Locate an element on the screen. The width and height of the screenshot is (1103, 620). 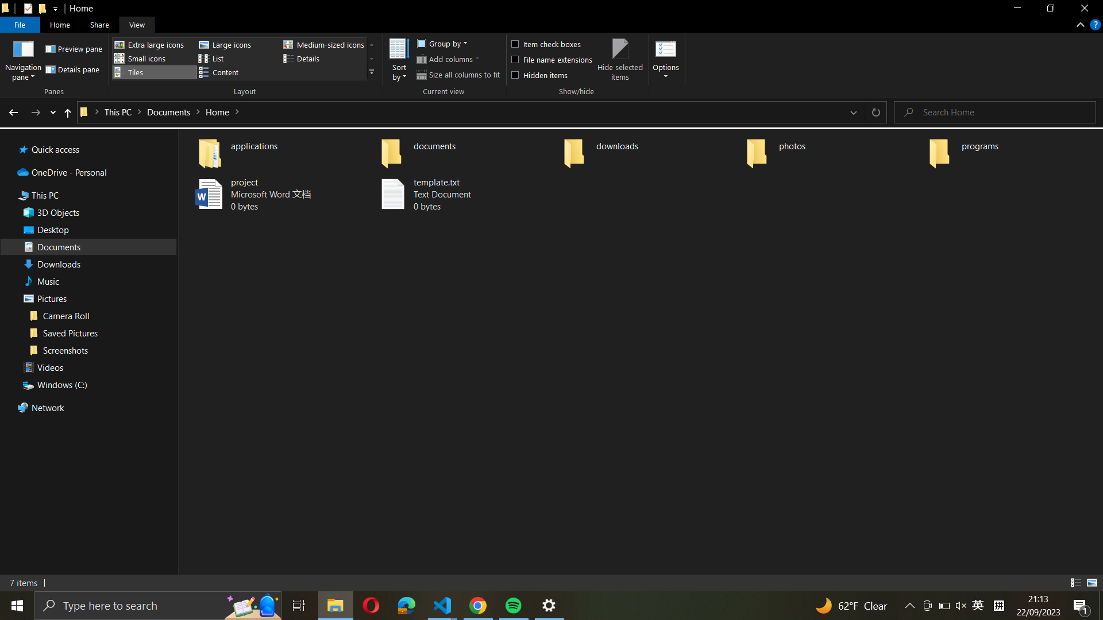
Go to the "downloads" folder and choose all files is located at coordinates (650, 150).